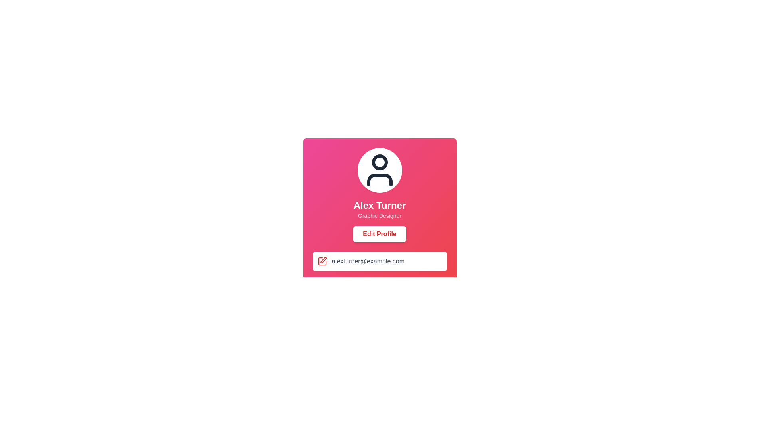 The height and width of the screenshot is (431, 767). I want to click on the edit icon located within the square icon to the left of the email address text field, so click(323, 260).